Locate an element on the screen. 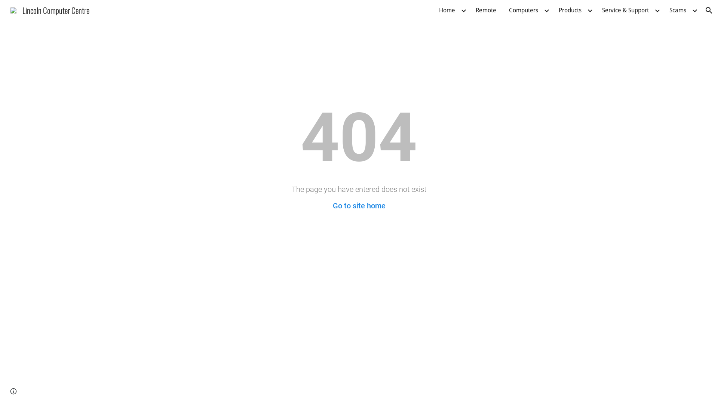 This screenshot has width=718, height=404. 'Go to site home' is located at coordinates (359, 206).